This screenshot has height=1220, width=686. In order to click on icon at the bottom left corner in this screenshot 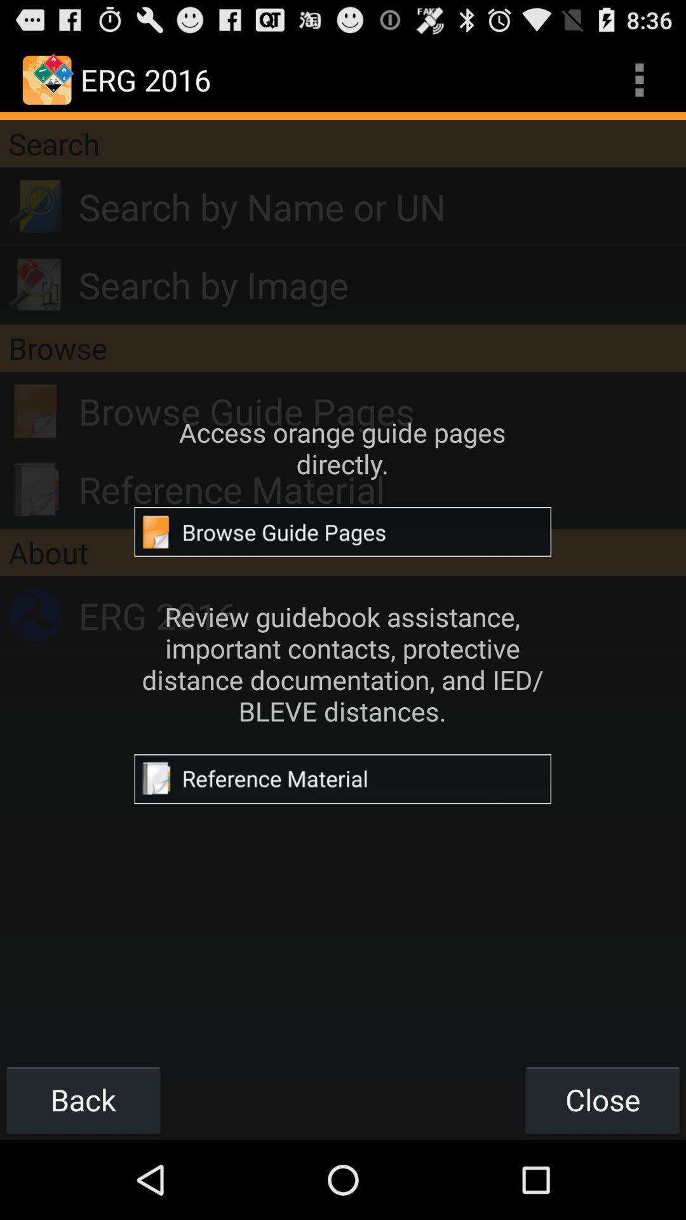, I will do `click(83, 1099)`.